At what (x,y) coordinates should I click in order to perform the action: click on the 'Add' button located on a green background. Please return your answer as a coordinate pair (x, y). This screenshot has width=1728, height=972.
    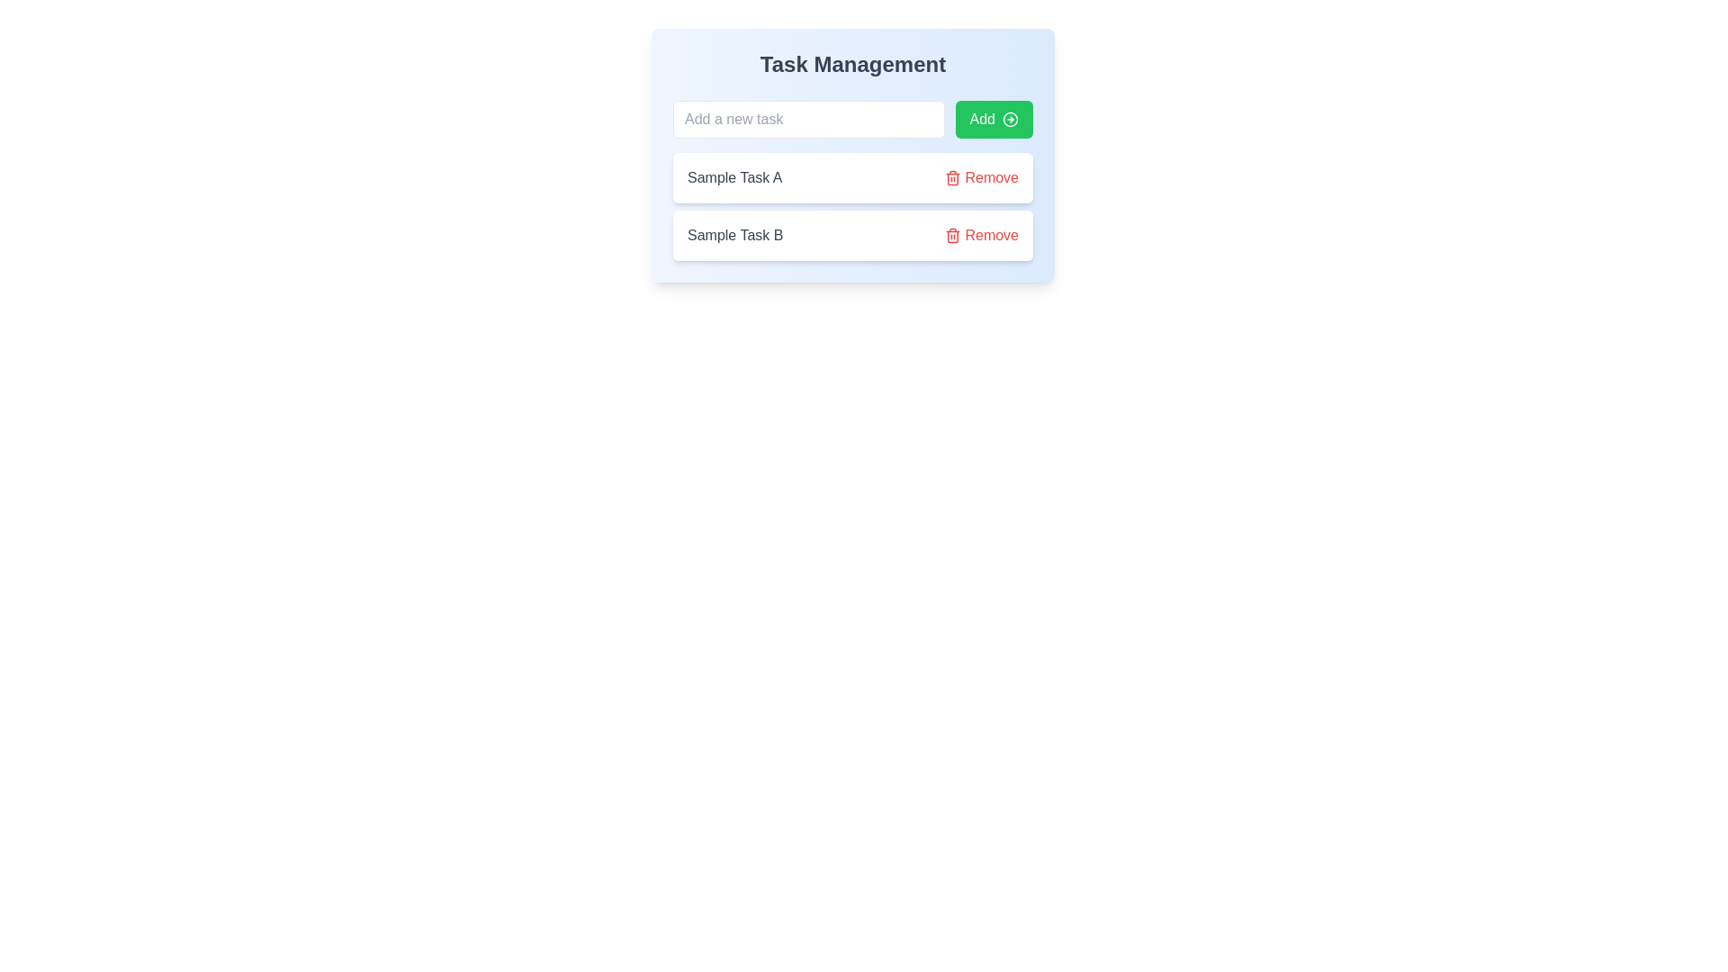
    Looking at the image, I should click on (981, 119).